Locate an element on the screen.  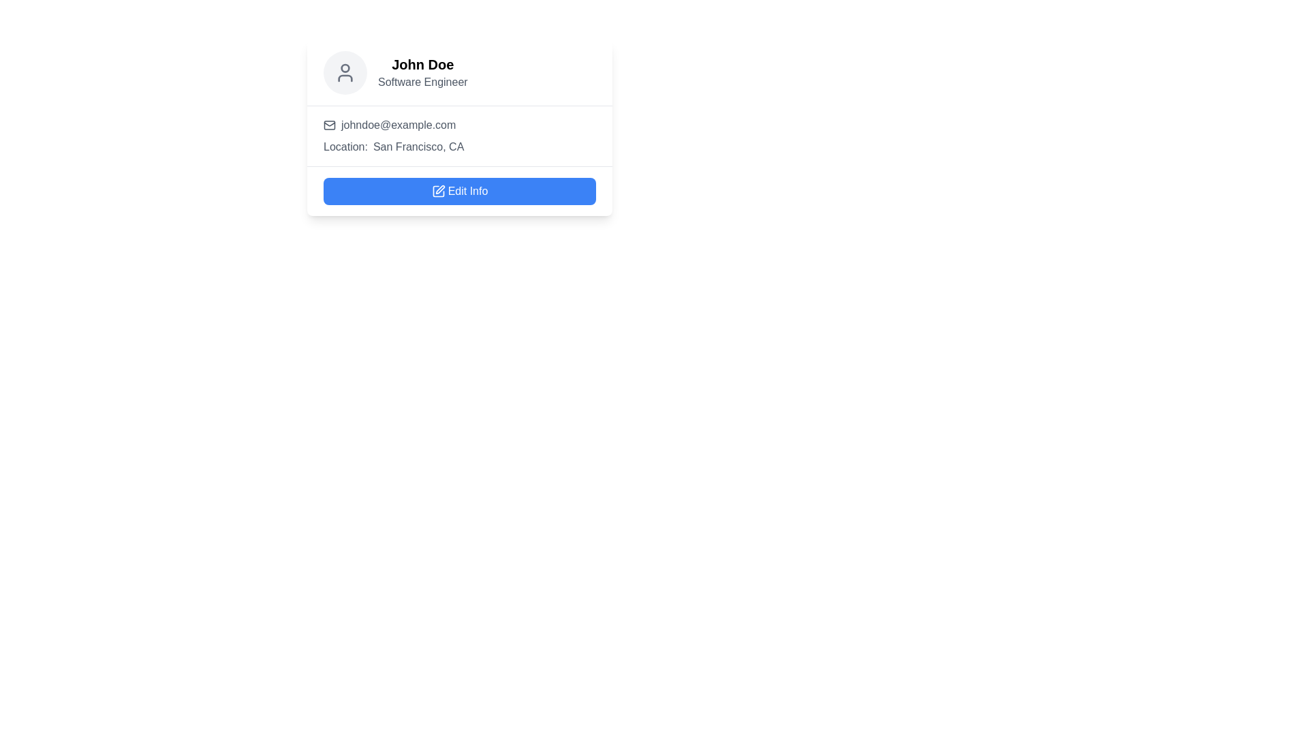
the lower half of the user icon, which is represented by a rounded shape within the SVG element located at the top left corner of the displayed card is located at coordinates (345, 78).